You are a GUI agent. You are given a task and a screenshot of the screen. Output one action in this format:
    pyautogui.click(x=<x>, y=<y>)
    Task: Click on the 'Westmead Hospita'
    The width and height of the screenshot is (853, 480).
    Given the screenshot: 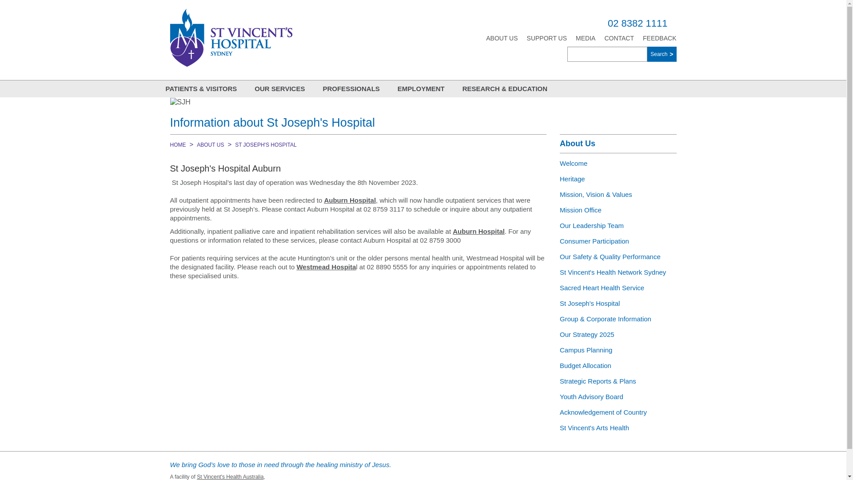 What is the action you would take?
    pyautogui.click(x=326, y=266)
    